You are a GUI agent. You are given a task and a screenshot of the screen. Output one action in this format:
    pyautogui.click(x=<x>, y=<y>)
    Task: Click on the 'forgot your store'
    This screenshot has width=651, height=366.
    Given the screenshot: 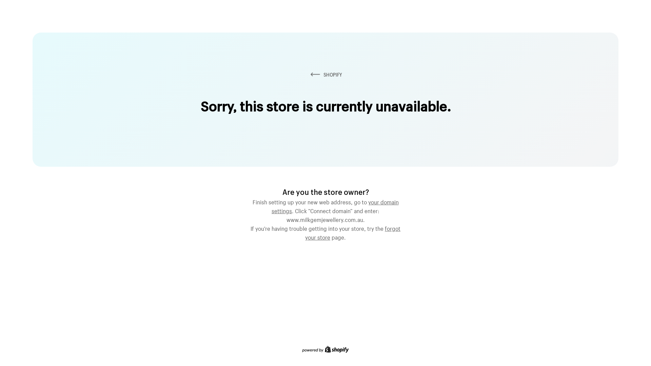 What is the action you would take?
    pyautogui.click(x=353, y=232)
    